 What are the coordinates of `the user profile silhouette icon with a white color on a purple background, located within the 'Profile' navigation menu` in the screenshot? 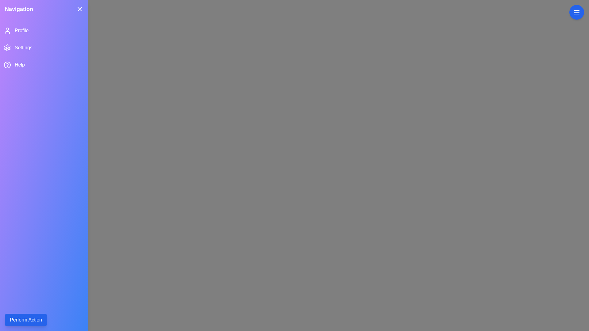 It's located at (7, 31).